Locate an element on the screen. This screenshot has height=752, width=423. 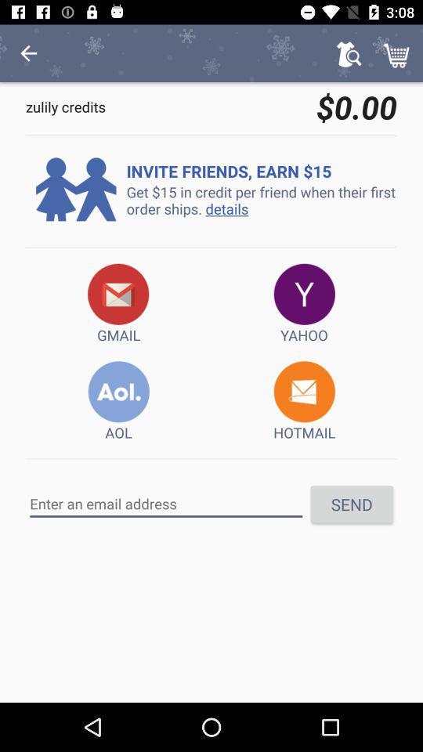
the item to the right of aol icon is located at coordinates (304, 401).